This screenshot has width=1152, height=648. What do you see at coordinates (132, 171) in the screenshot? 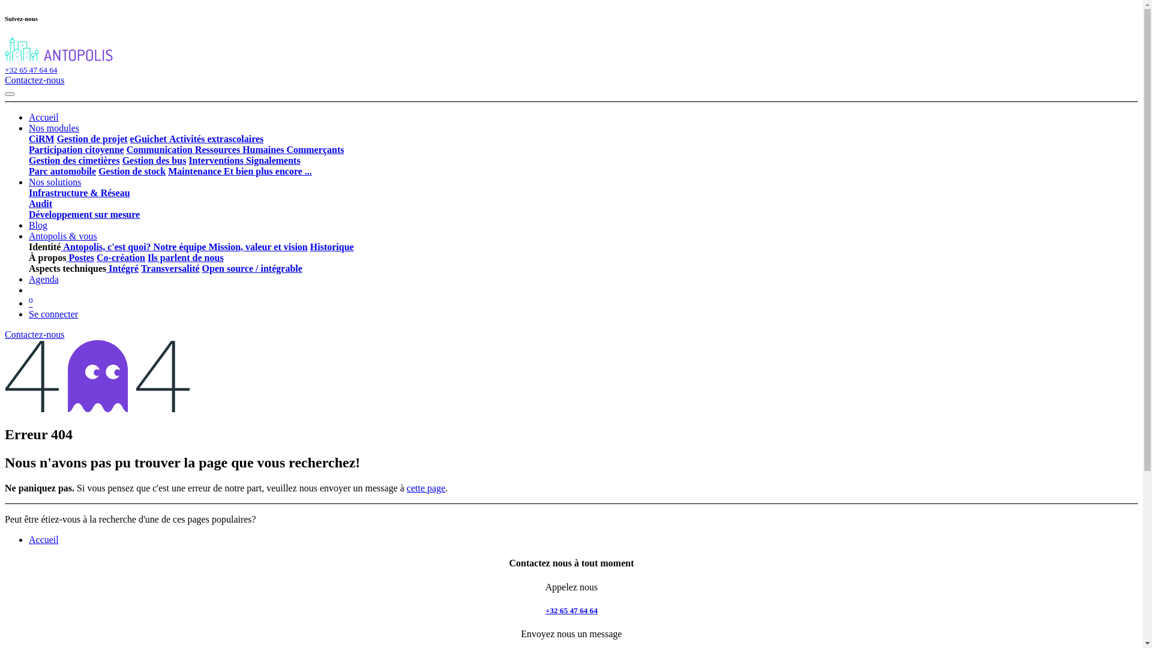
I see `'Gestion de stock'` at bounding box center [132, 171].